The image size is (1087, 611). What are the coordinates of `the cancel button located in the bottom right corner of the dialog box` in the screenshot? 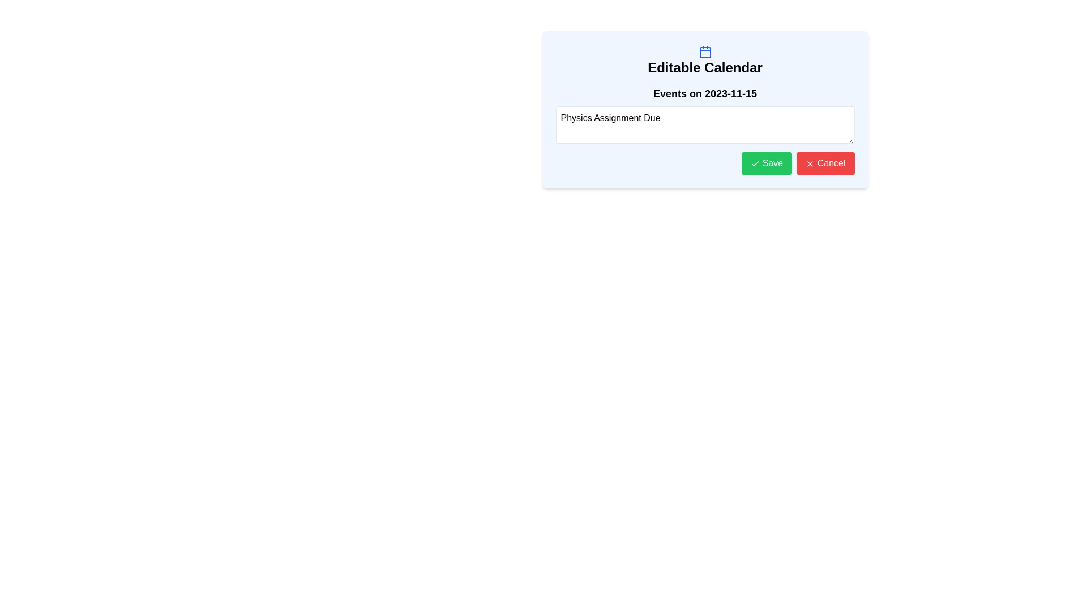 It's located at (825, 163).